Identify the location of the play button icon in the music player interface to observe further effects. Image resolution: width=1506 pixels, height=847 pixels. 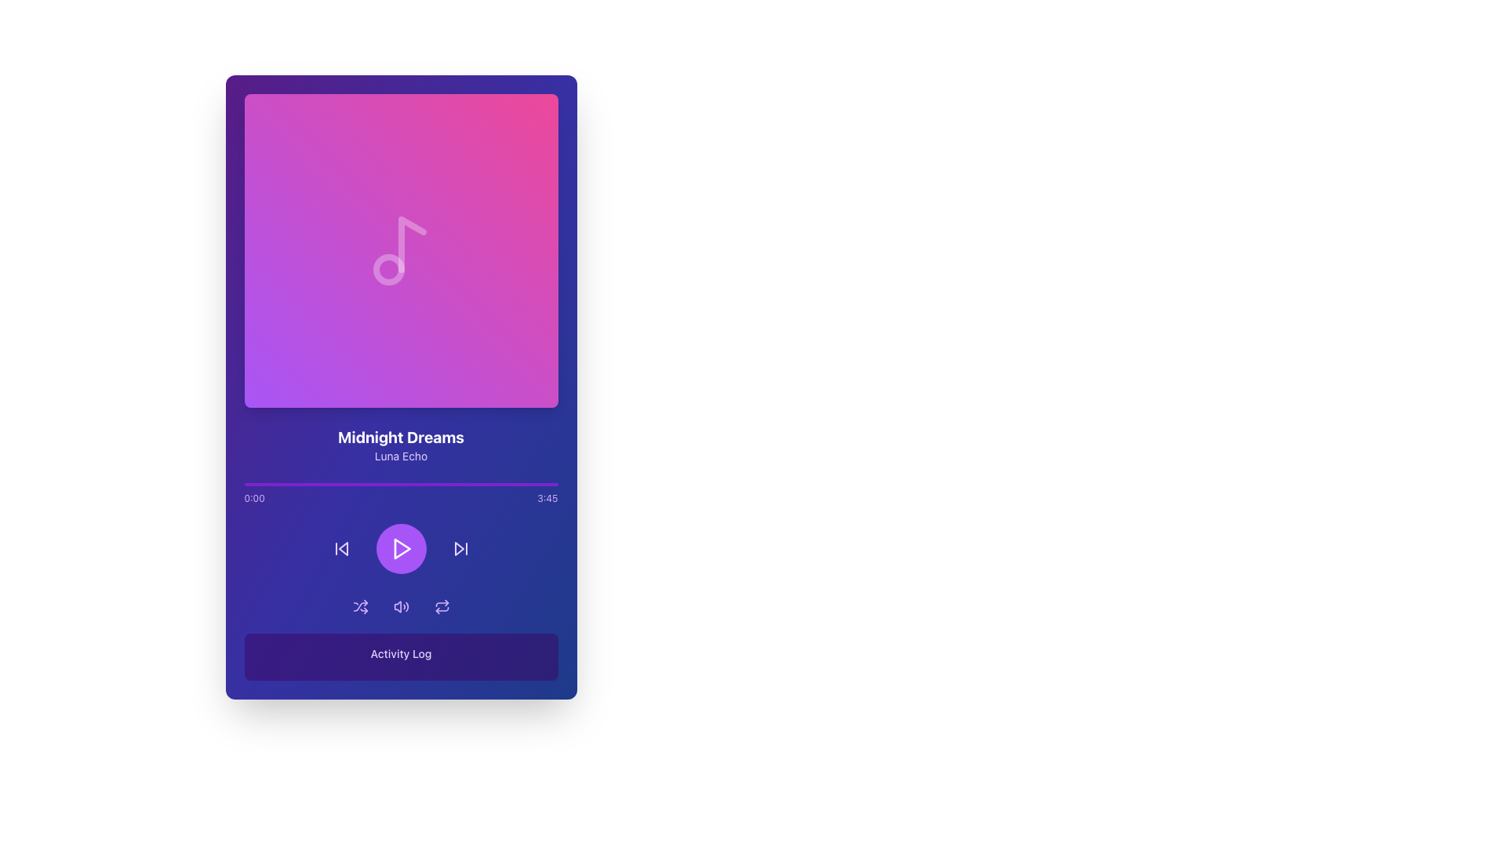
(402, 547).